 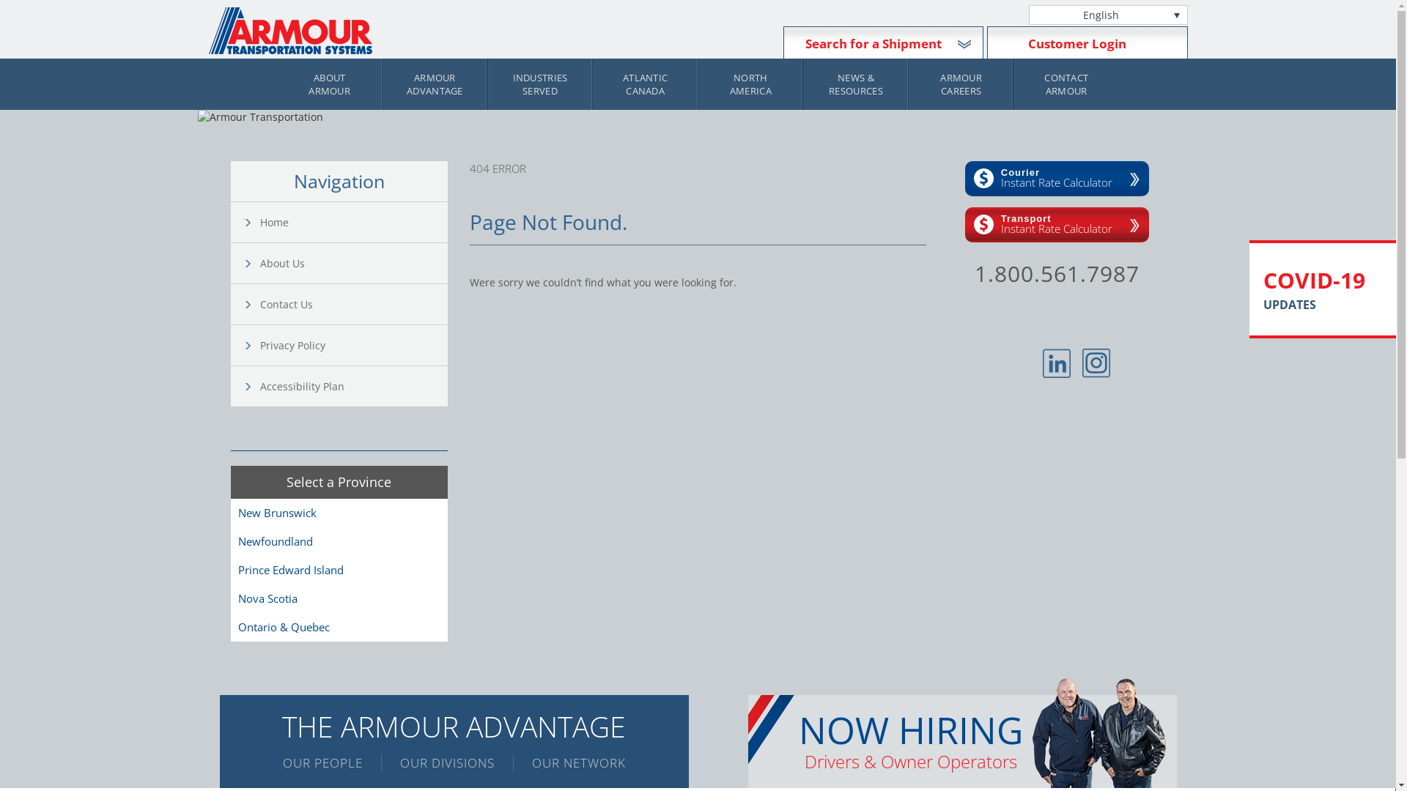 I want to click on 'ATLANTIC, so click(x=645, y=84).